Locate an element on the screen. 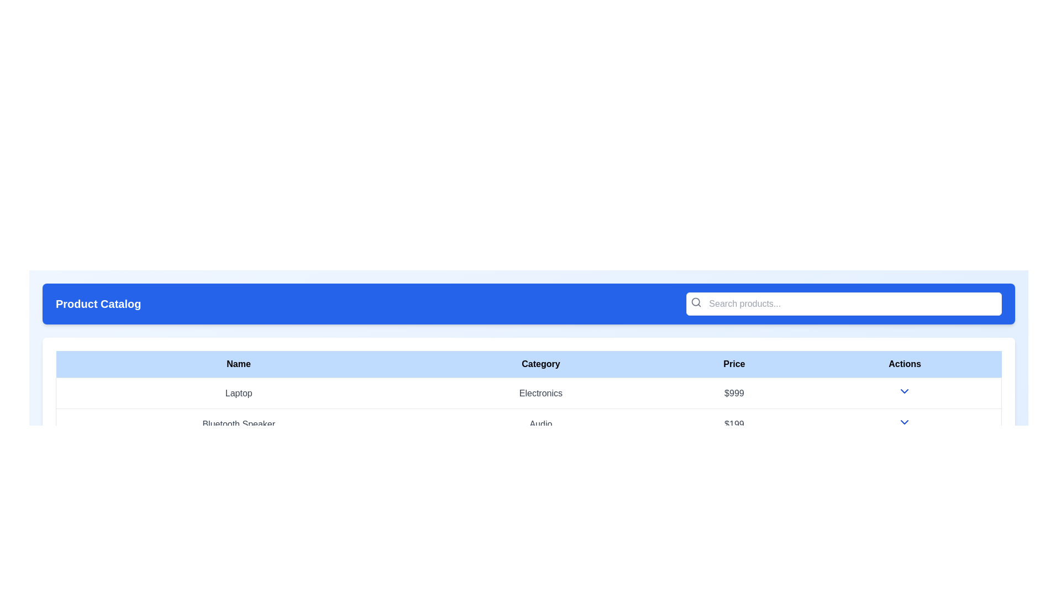 This screenshot has height=597, width=1061. the blue dropdown arrow icon is located at coordinates (905, 391).